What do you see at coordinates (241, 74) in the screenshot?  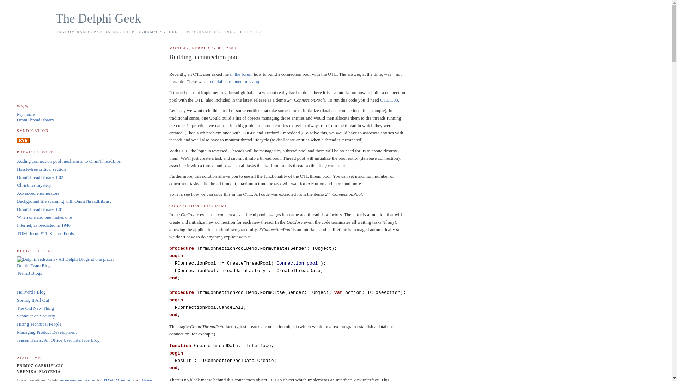 I see `'in the forum'` at bounding box center [241, 74].